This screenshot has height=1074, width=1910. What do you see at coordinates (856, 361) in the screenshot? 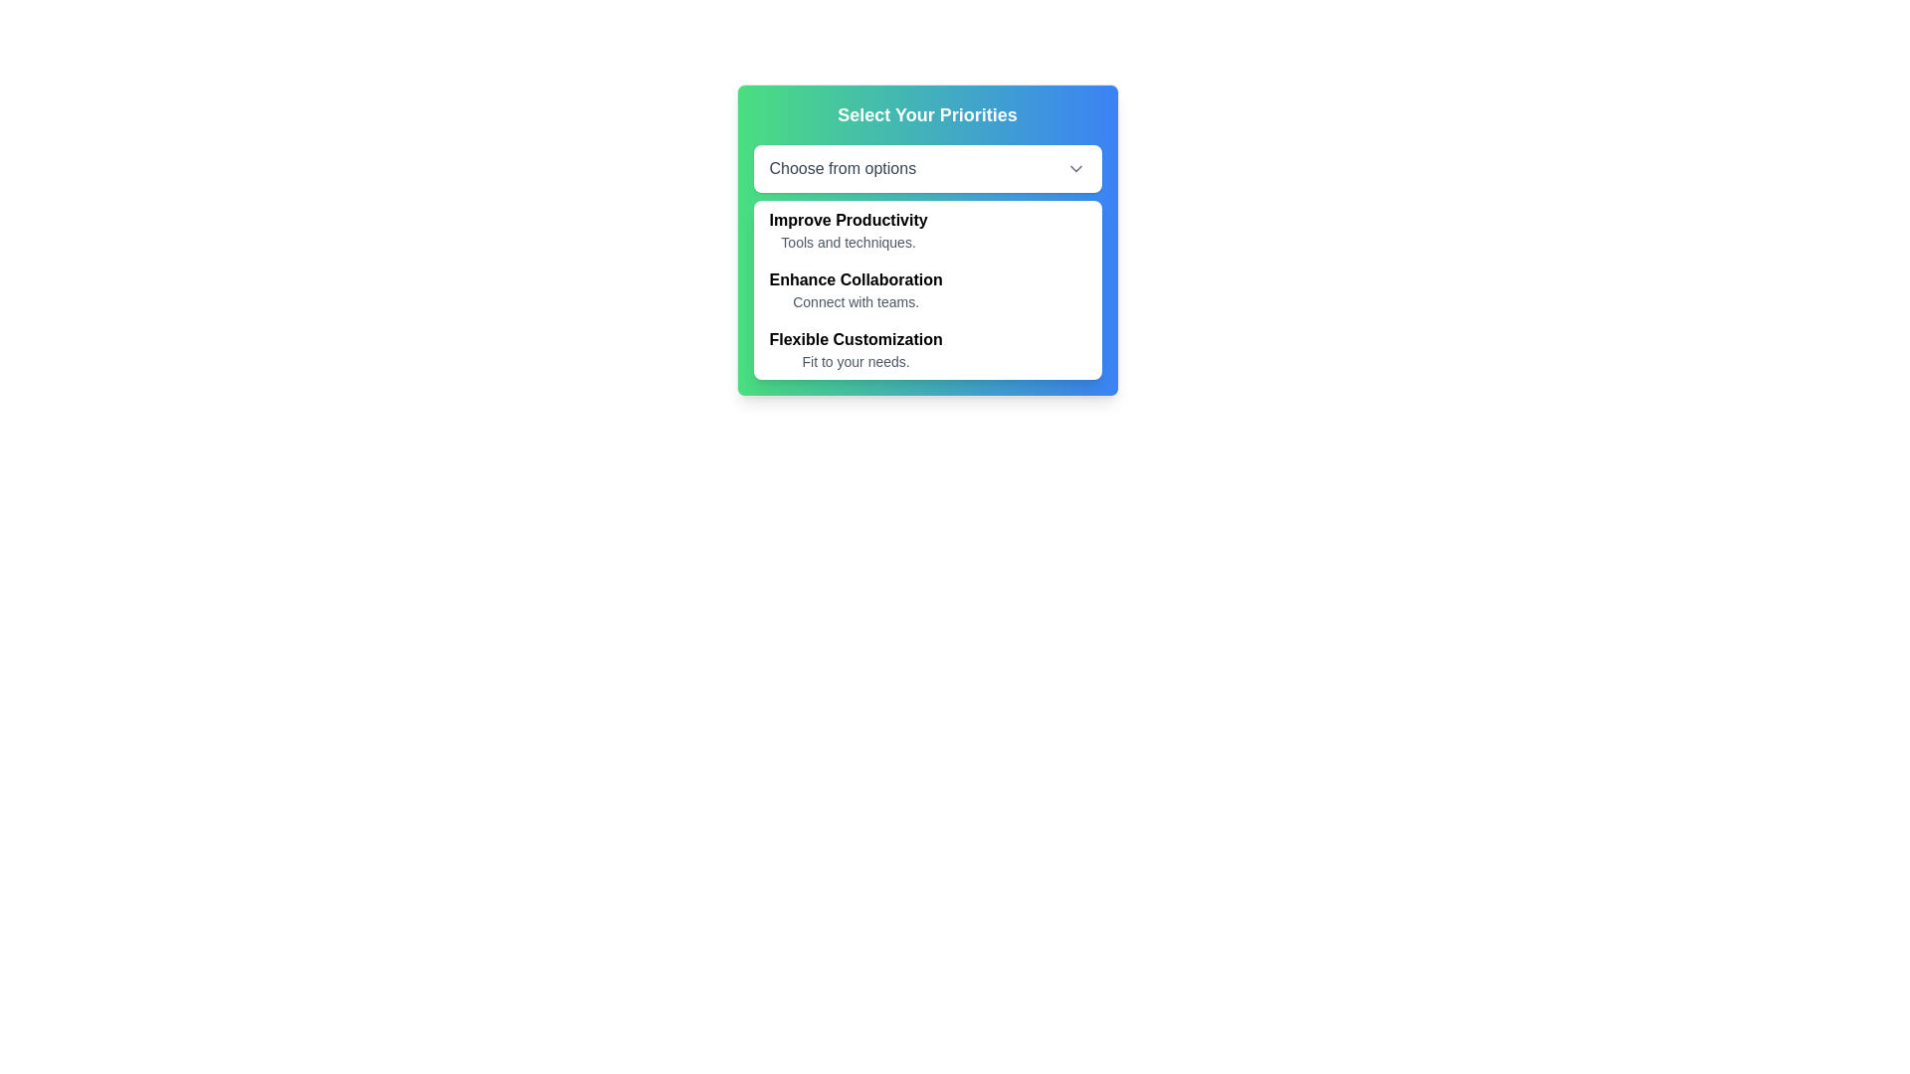
I see `the text label 'Fit to your needs.' which is styled in gray and located beneath the bolded label 'Flexible Customization' in the dropdown menu` at bounding box center [856, 361].